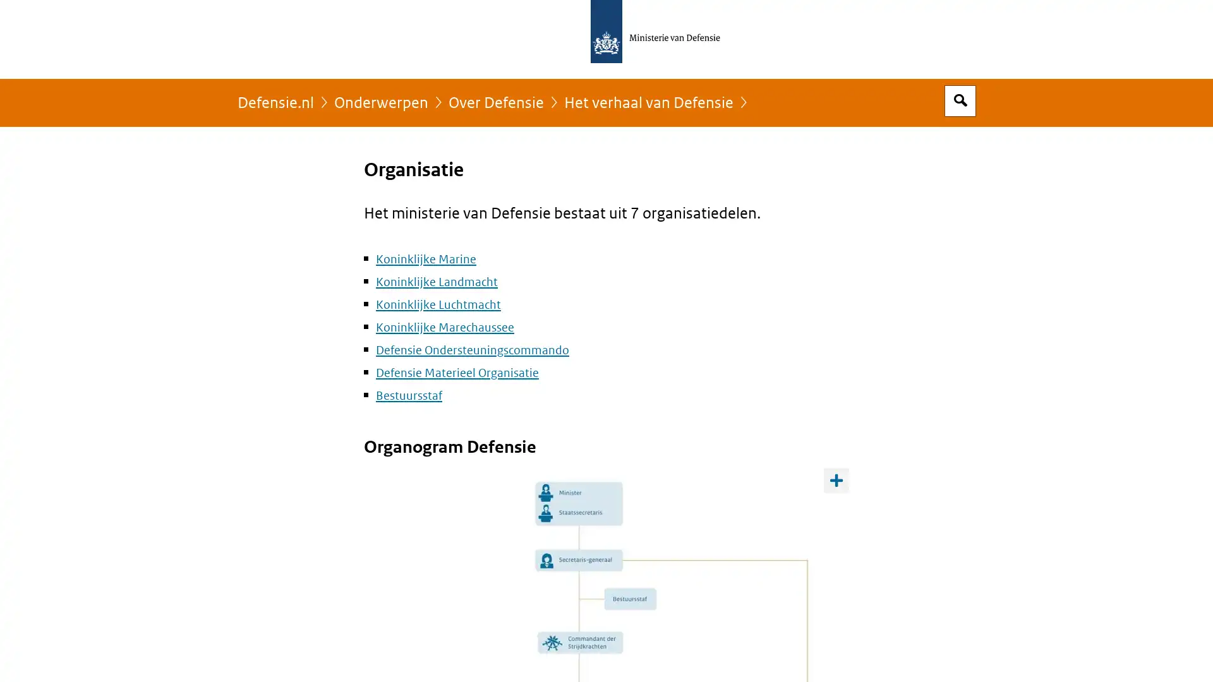  I want to click on Open zoekveld, so click(960, 100).